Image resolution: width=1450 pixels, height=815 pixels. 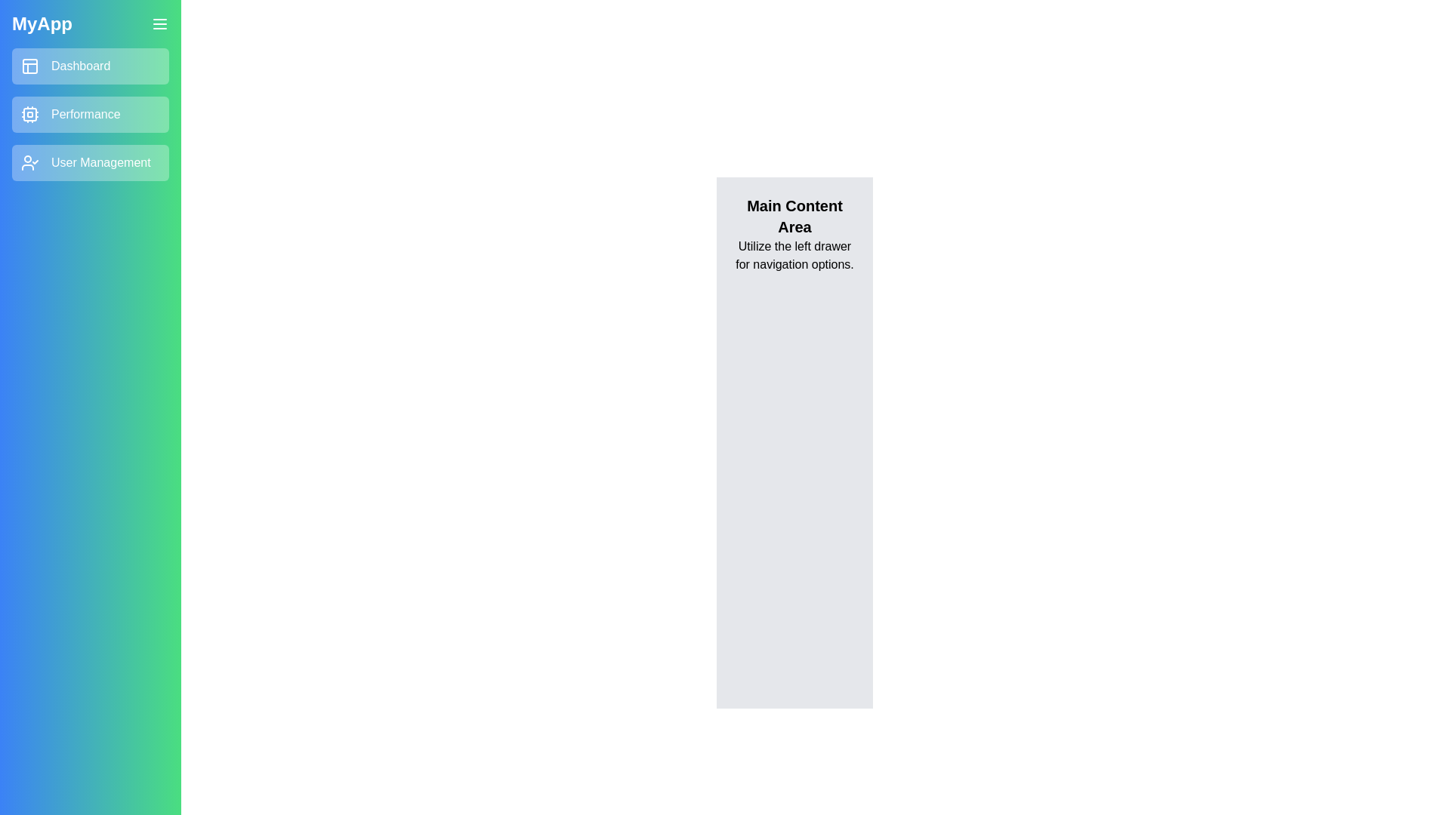 I want to click on the navigation link Dashboard to observe the hover effect, so click(x=90, y=66).